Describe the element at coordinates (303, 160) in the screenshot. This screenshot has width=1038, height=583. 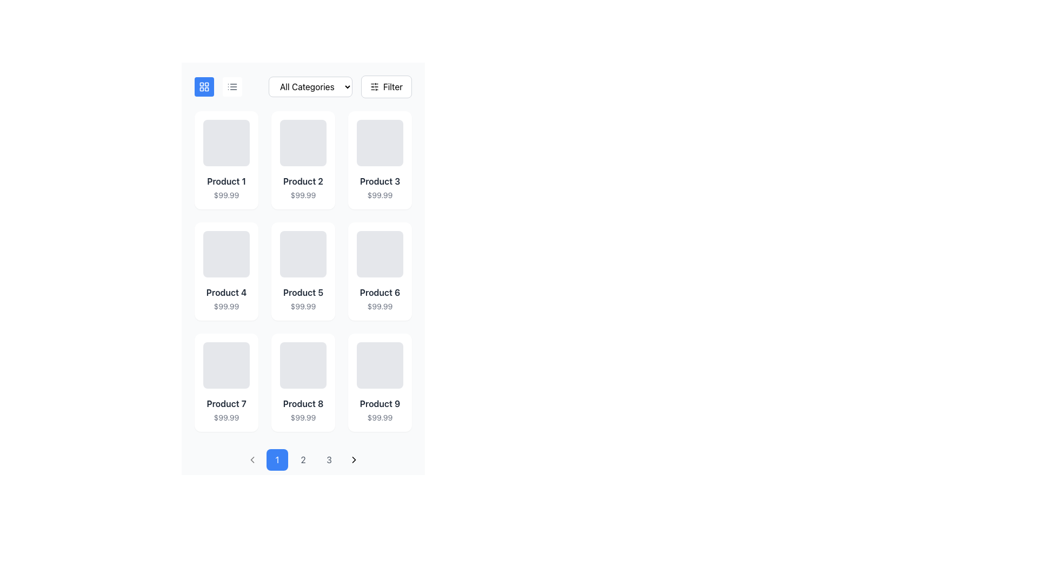
I see `the product card that displays the product name and price, which is the second card in the first row of the grid layout` at that location.